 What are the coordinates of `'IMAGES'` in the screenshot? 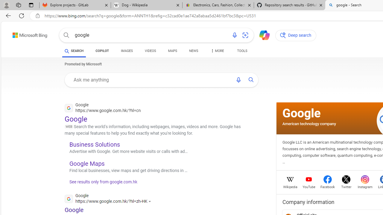 It's located at (127, 51).